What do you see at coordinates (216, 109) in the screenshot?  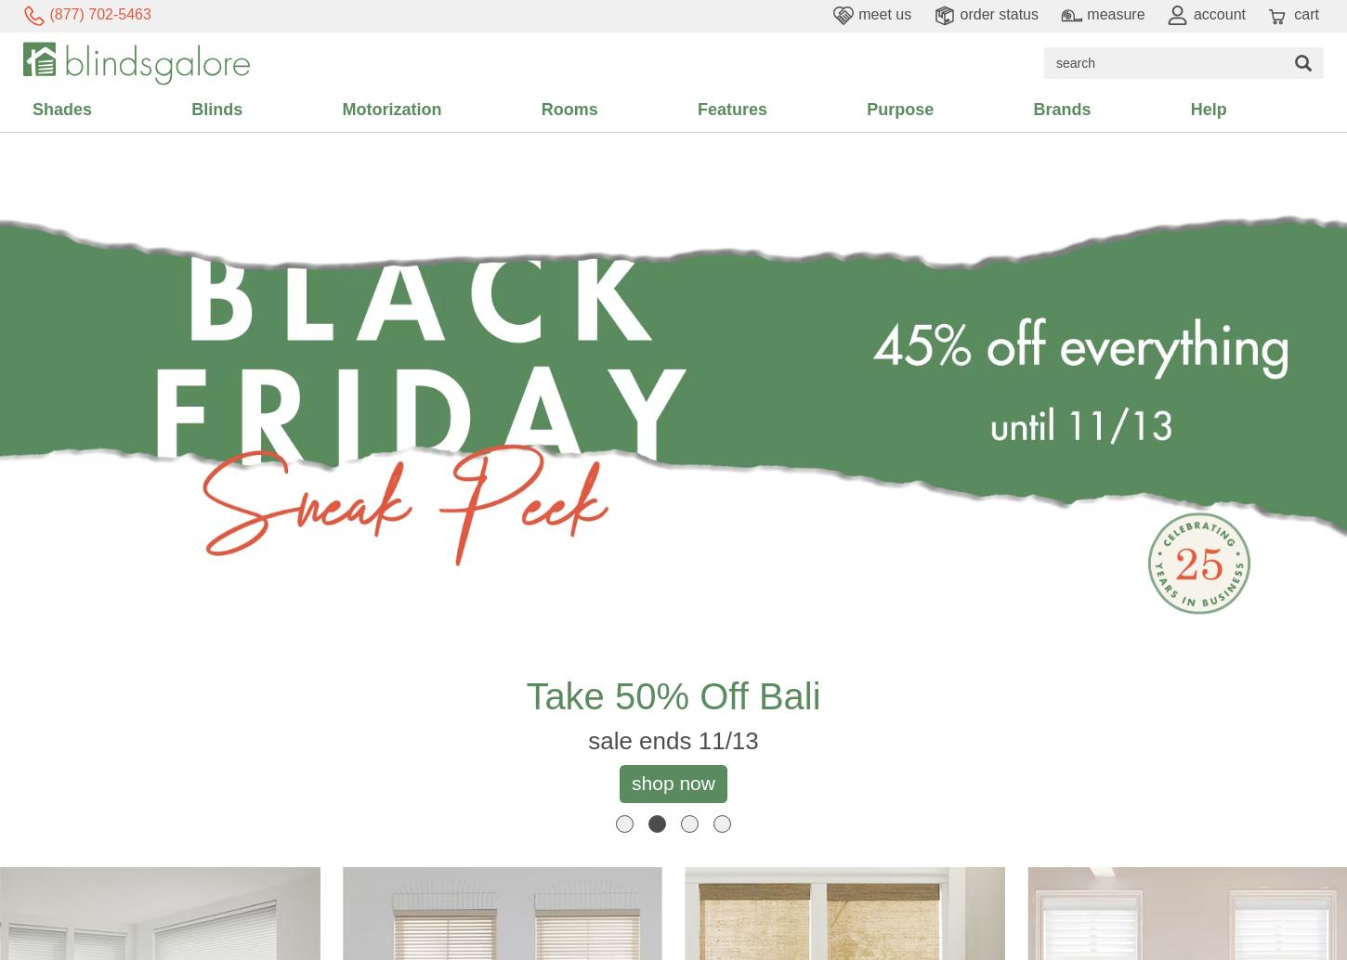 I see `'Blinds'` at bounding box center [216, 109].